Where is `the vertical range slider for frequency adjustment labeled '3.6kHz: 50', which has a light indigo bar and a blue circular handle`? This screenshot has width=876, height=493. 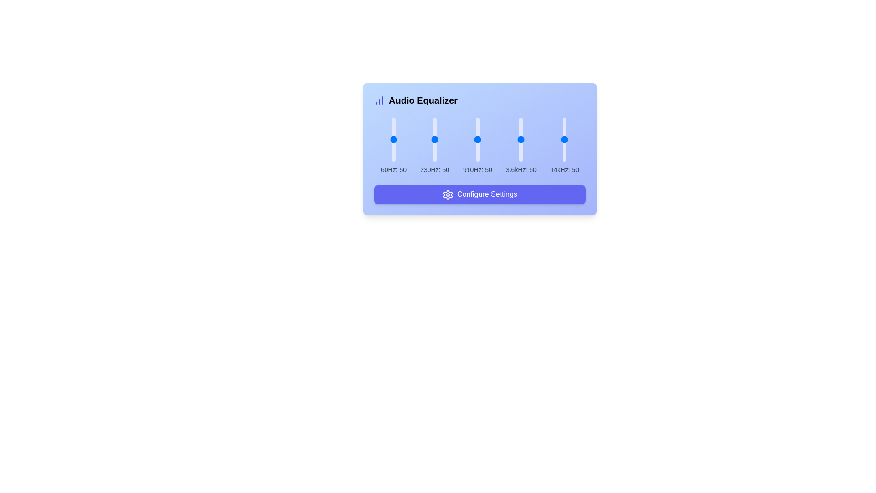 the vertical range slider for frequency adjustment labeled '3.6kHz: 50', which has a light indigo bar and a blue circular handle is located at coordinates (521, 139).